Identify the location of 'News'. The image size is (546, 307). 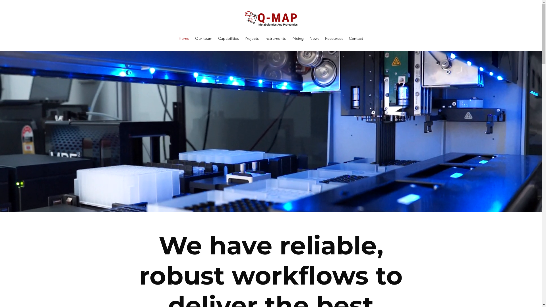
(314, 38).